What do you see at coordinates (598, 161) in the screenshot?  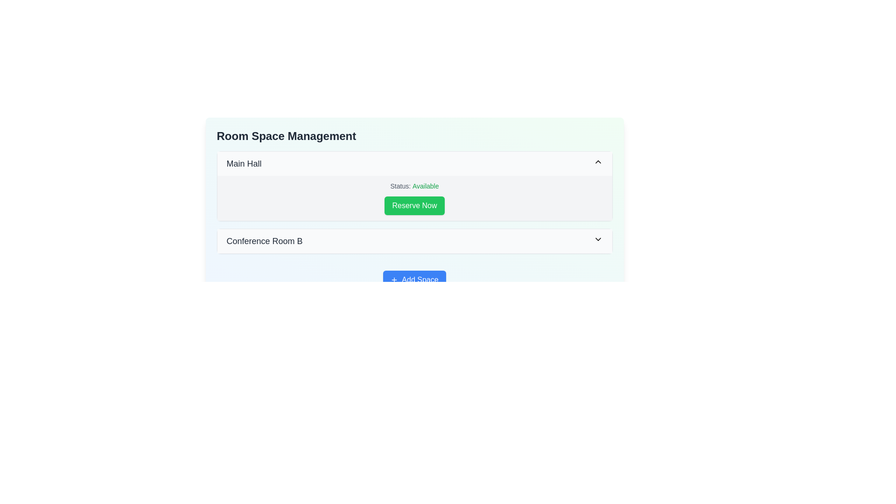 I see `the downward-facing chevron icon located to the far right of the 'Main Hall' text` at bounding box center [598, 161].